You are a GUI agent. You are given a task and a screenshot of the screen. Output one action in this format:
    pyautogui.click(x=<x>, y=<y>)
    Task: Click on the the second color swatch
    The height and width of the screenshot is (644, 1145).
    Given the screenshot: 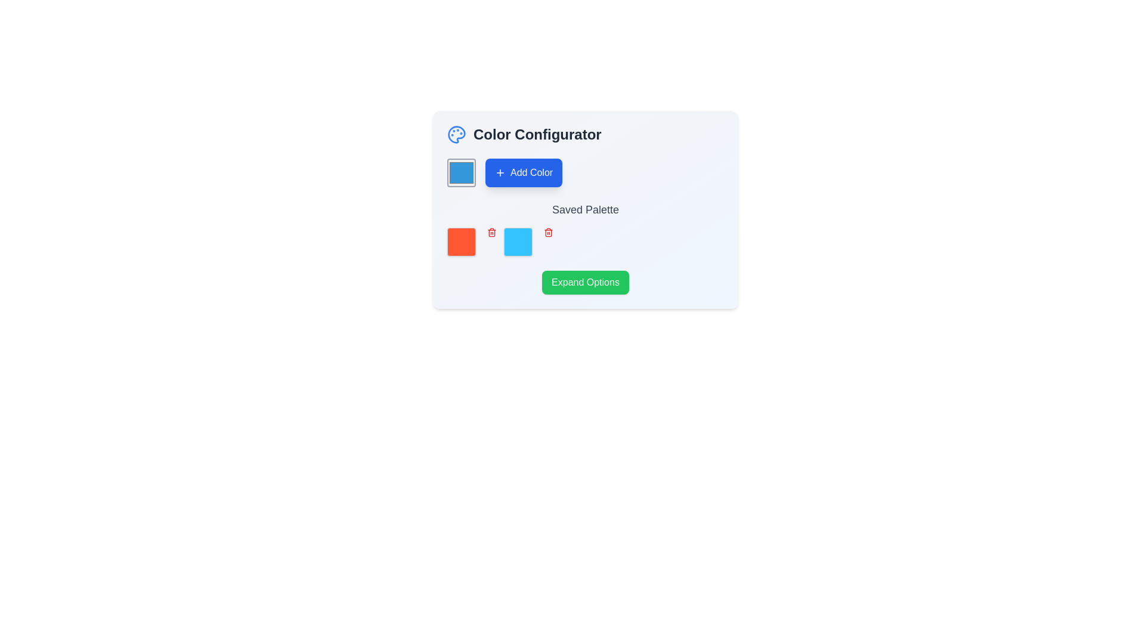 What is the action you would take?
    pyautogui.click(x=528, y=241)
    